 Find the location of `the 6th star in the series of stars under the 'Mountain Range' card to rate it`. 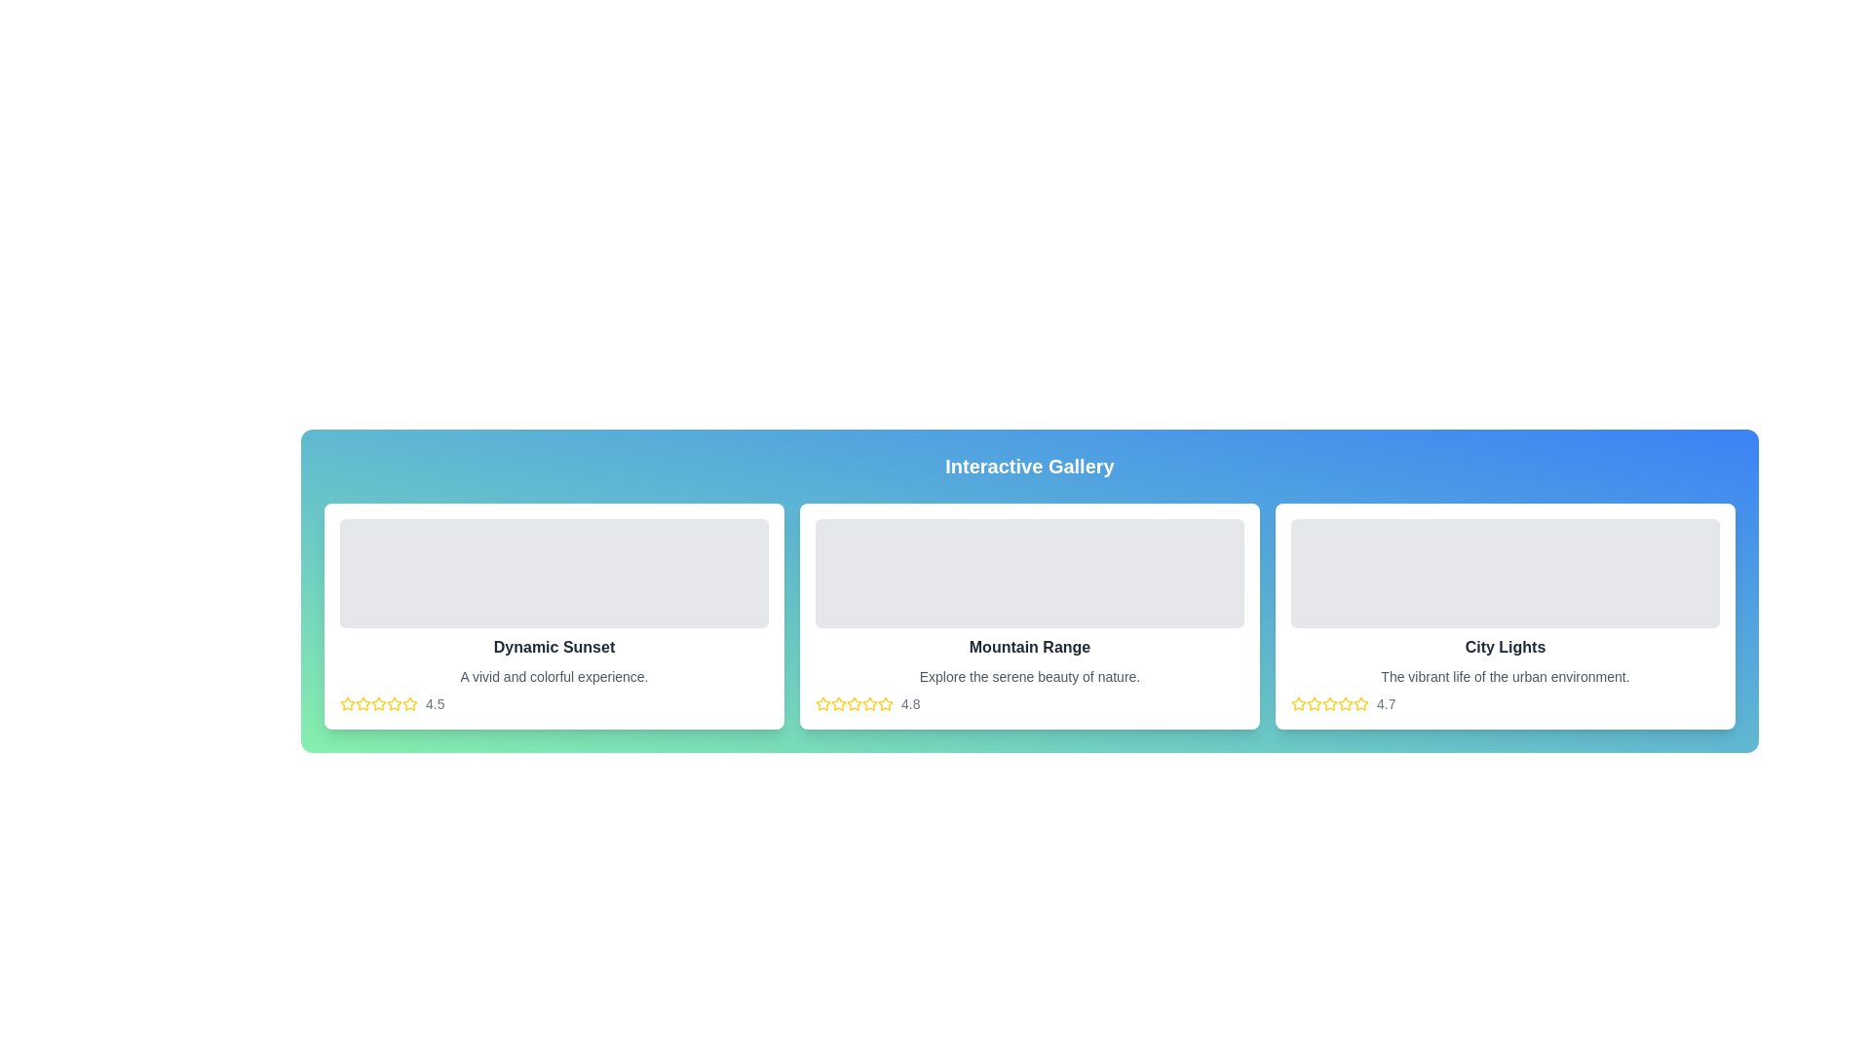

the 6th star in the series of stars under the 'Mountain Range' card to rate it is located at coordinates (868, 703).